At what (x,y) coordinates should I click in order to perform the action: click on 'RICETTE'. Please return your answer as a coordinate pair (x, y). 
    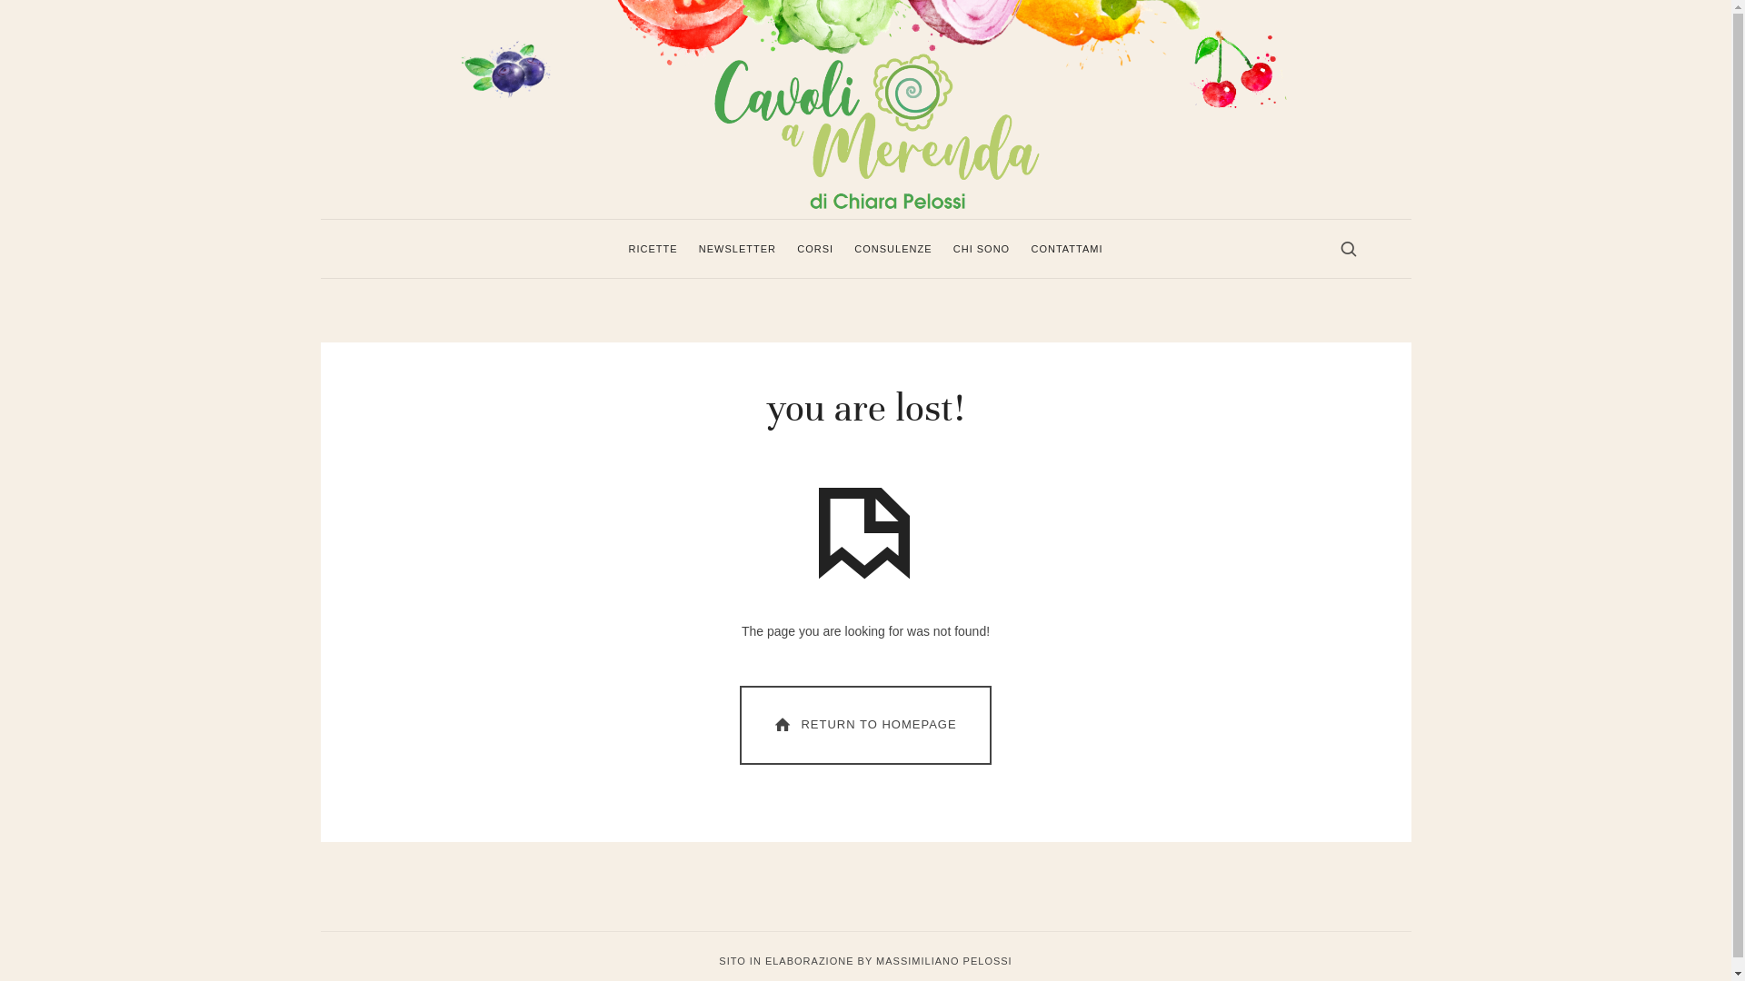
    Looking at the image, I should click on (628, 248).